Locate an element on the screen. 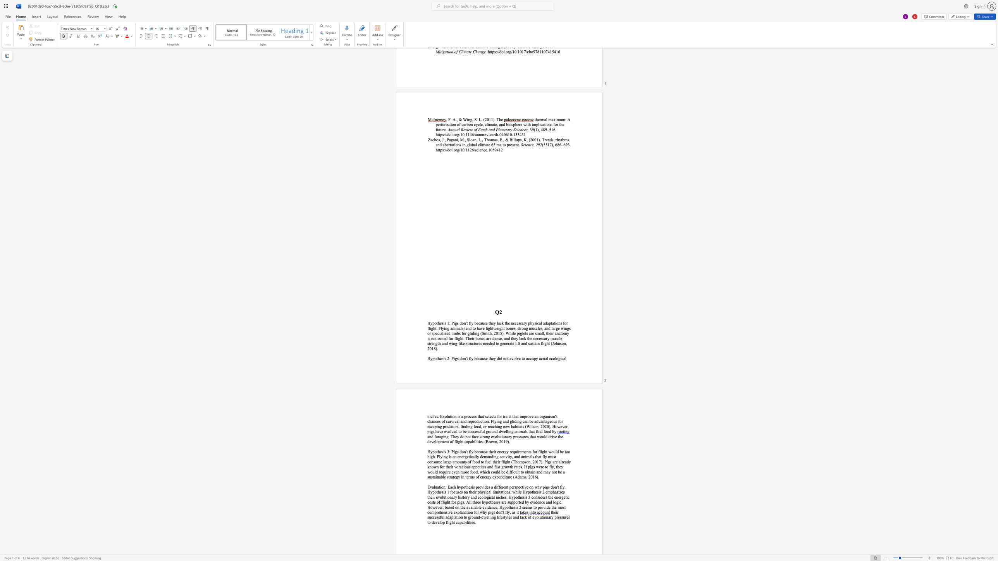  the subset text "Pi" within the text "Hypothesis 3: Pigs" is located at coordinates (451, 451).